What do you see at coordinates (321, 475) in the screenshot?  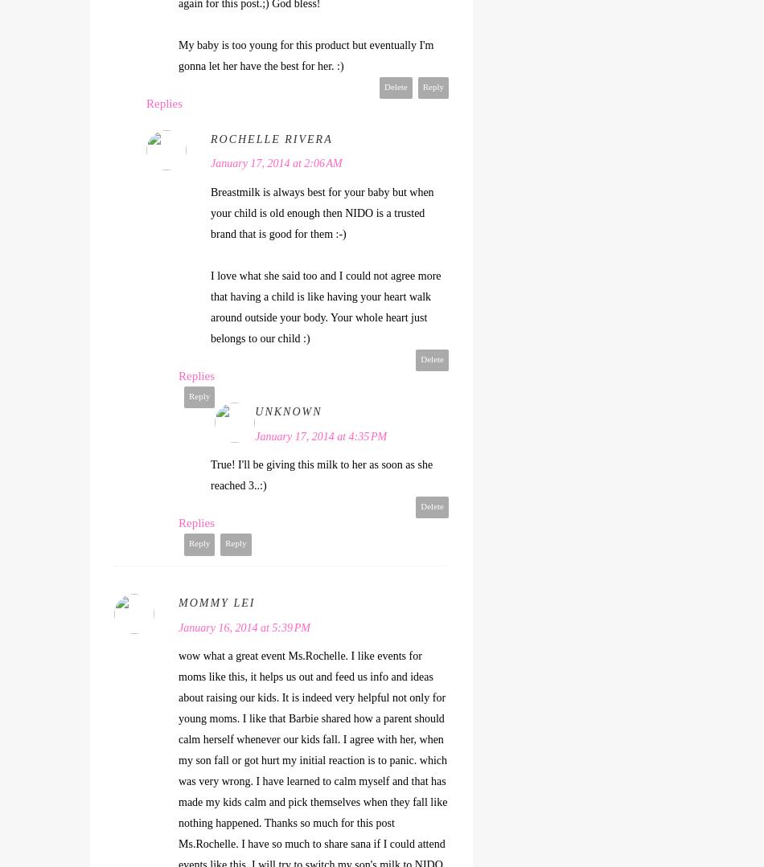 I see `'True! I'll be giving this milk to her as soon as she reached 3..:)'` at bounding box center [321, 475].